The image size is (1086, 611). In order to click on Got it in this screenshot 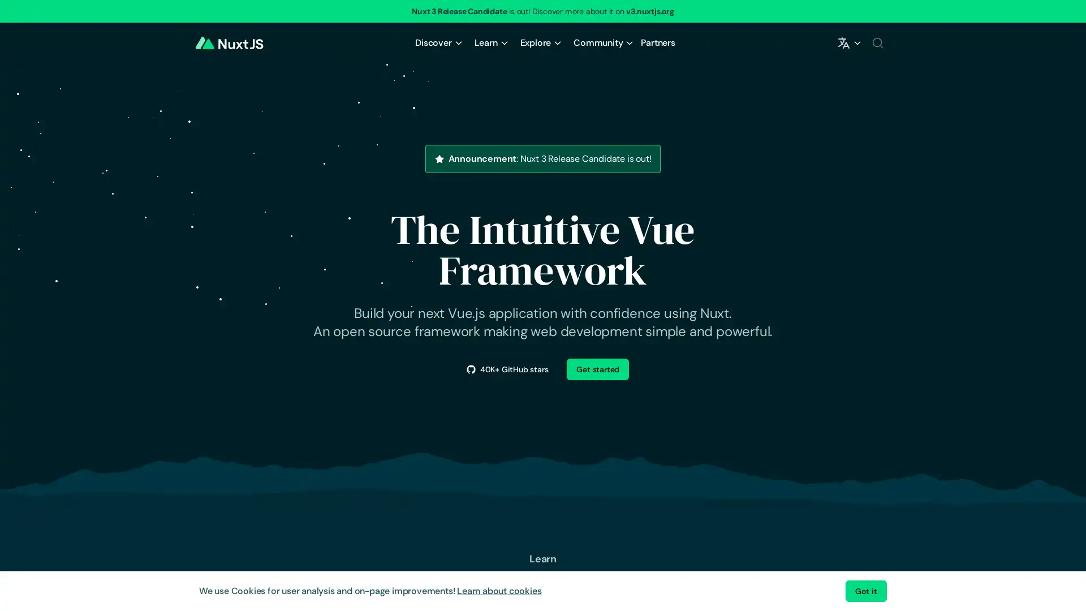, I will do `click(865, 591)`.